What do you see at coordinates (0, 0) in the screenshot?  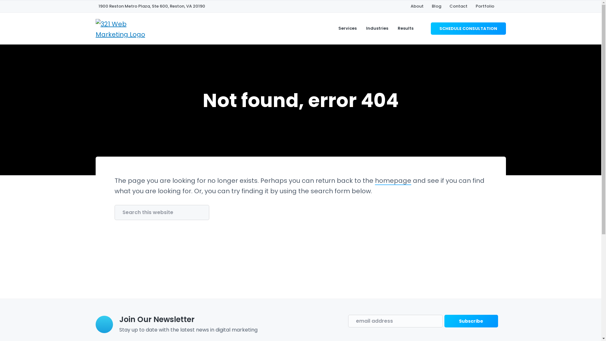 I see `'Skip to primary navigation'` at bounding box center [0, 0].